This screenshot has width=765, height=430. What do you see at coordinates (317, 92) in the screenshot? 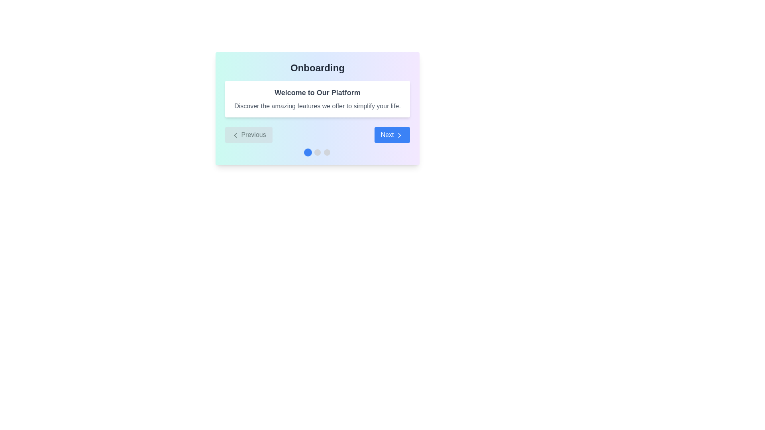
I see `the text element displaying 'Welcome to Our Platform', which is styled with a larger, bold font in dark gray and positioned within a white rounded rectangle box` at bounding box center [317, 92].